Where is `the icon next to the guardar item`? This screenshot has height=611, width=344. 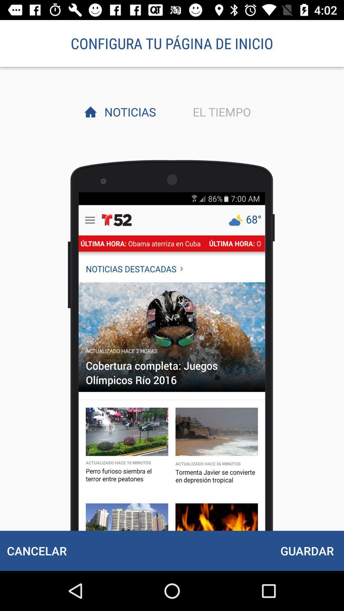 the icon next to the guardar item is located at coordinates (37, 551).